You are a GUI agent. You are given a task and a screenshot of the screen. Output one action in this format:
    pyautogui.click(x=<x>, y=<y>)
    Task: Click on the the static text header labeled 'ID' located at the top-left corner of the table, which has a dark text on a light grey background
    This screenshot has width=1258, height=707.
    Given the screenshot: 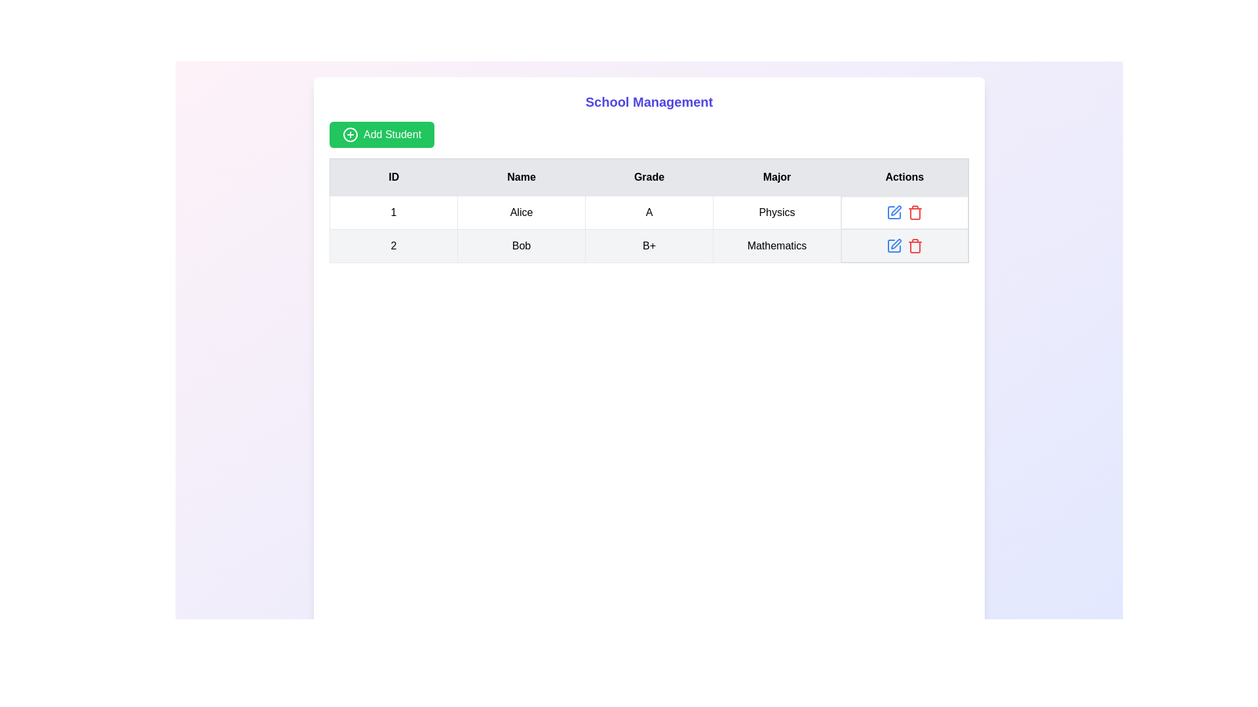 What is the action you would take?
    pyautogui.click(x=392, y=177)
    